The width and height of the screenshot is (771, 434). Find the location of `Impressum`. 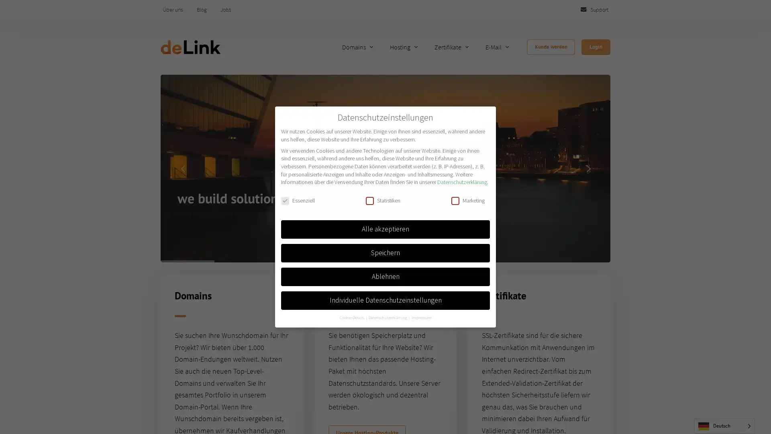

Impressum is located at coordinates (421, 317).